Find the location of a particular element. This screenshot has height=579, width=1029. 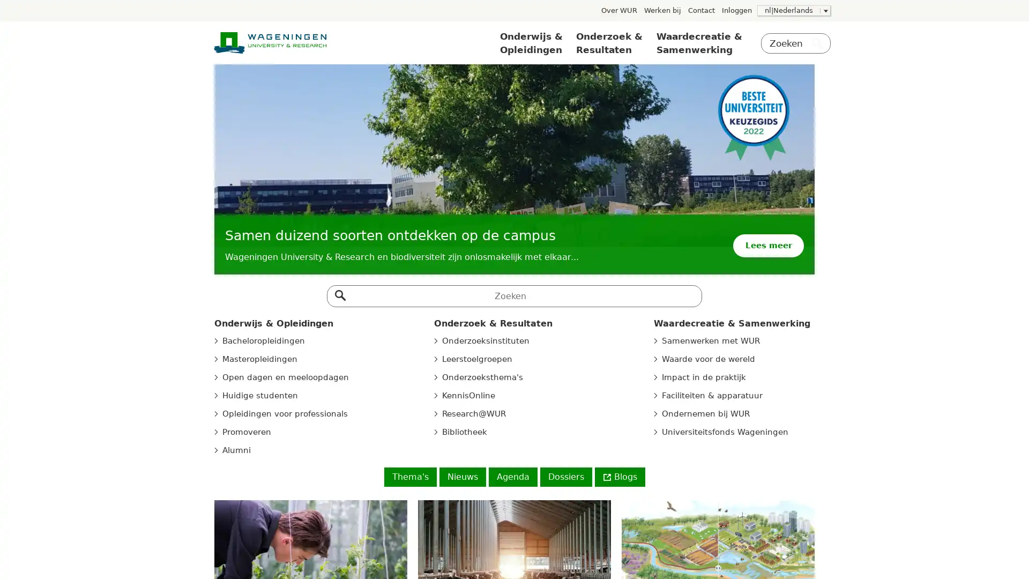

Zoeken is located at coordinates (339, 293).